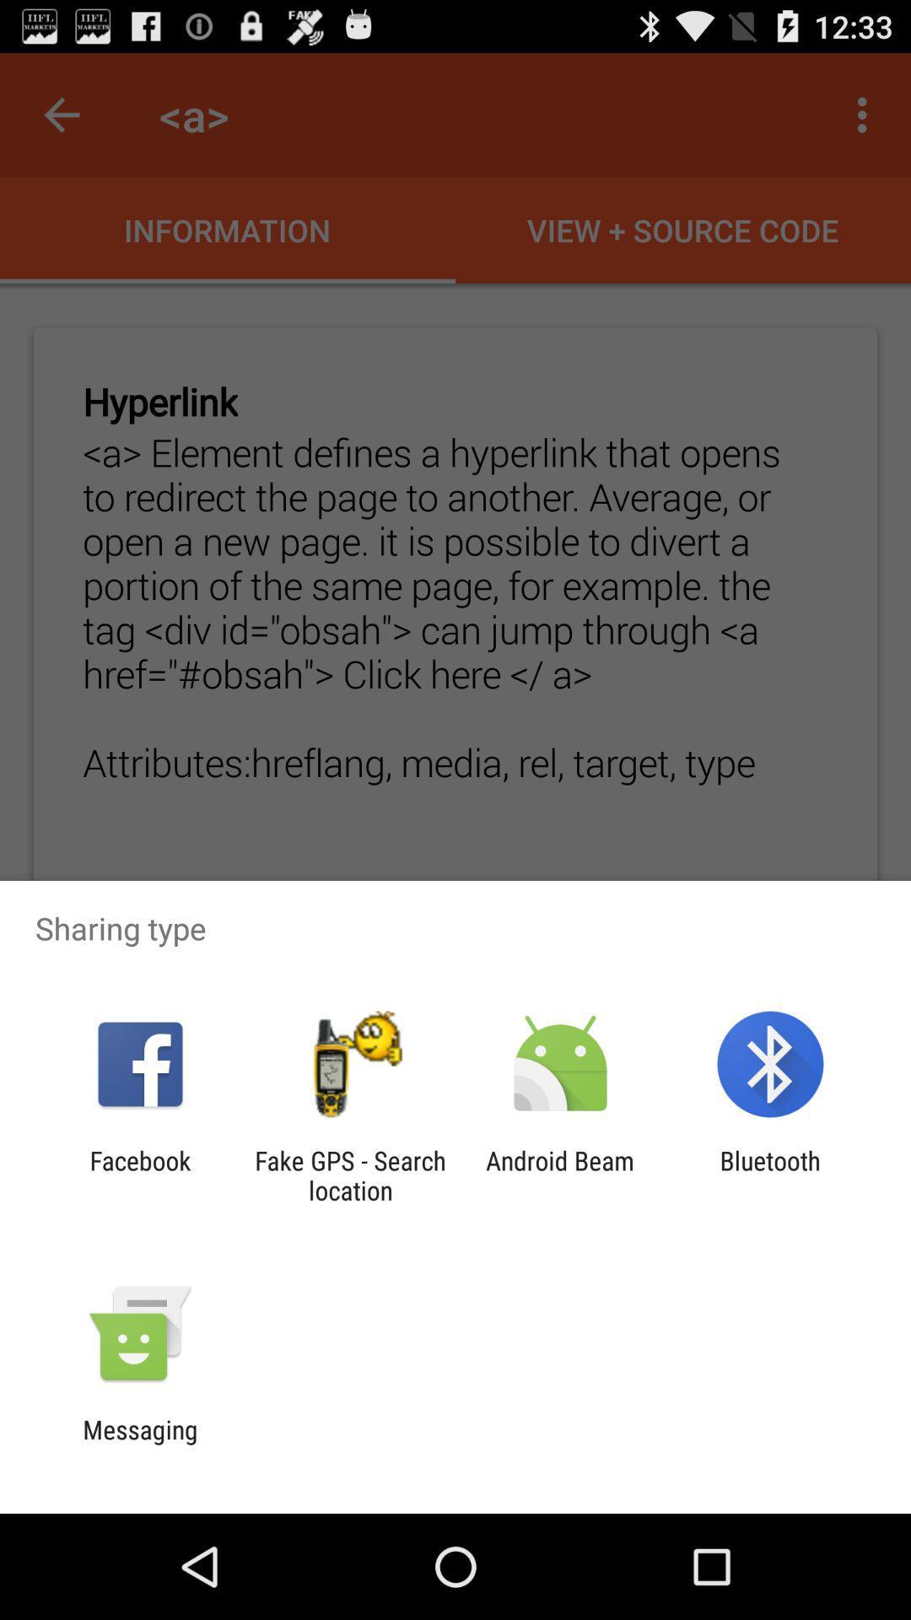 This screenshot has width=911, height=1620. I want to click on the fake gps search app, so click(349, 1174).